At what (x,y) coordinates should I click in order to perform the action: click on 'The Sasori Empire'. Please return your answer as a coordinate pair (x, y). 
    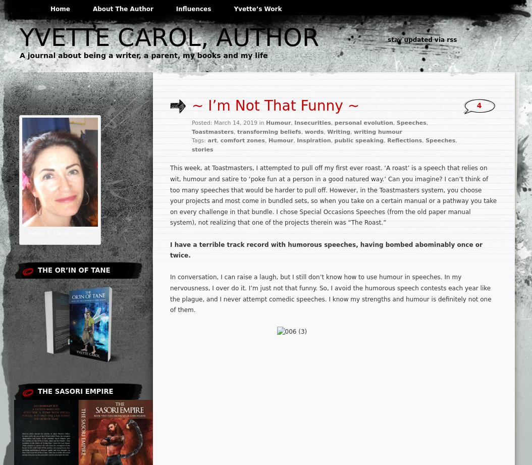
    Looking at the image, I should click on (37, 391).